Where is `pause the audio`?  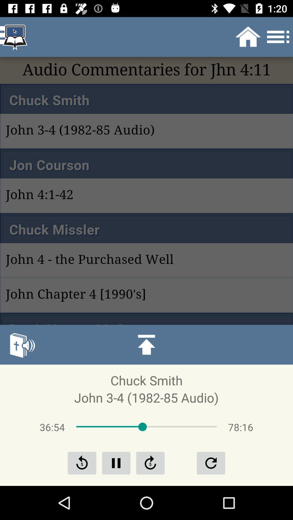 pause the audio is located at coordinates (116, 463).